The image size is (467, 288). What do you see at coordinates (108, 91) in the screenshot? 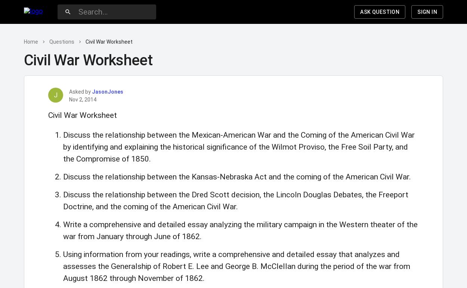
I see `'JasonJones'` at bounding box center [108, 91].